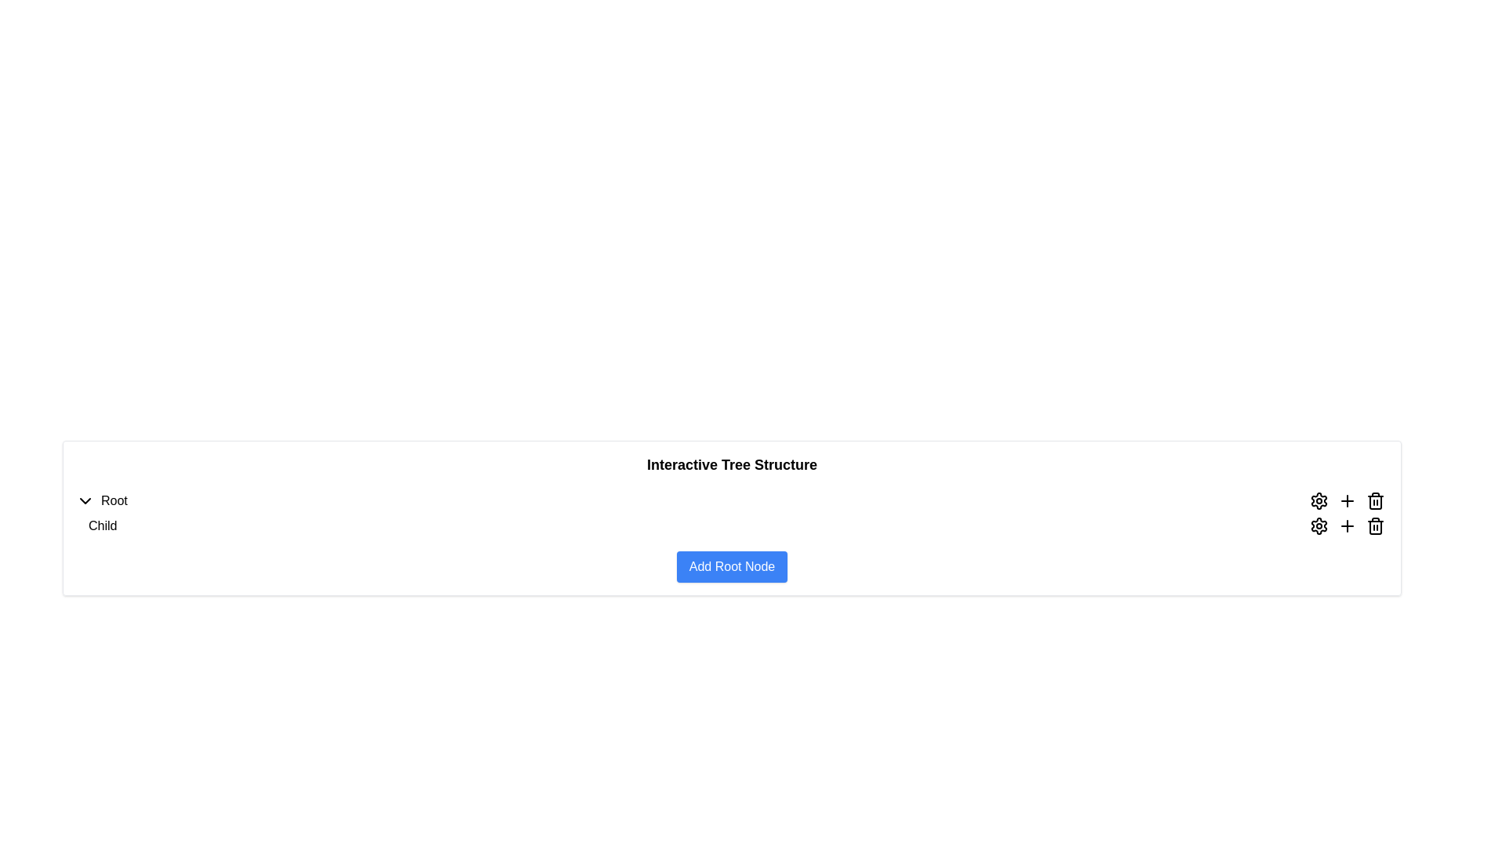  What do you see at coordinates (1318, 501) in the screenshot?
I see `the first gear icon in the row of icons to the right of the interface` at bounding box center [1318, 501].